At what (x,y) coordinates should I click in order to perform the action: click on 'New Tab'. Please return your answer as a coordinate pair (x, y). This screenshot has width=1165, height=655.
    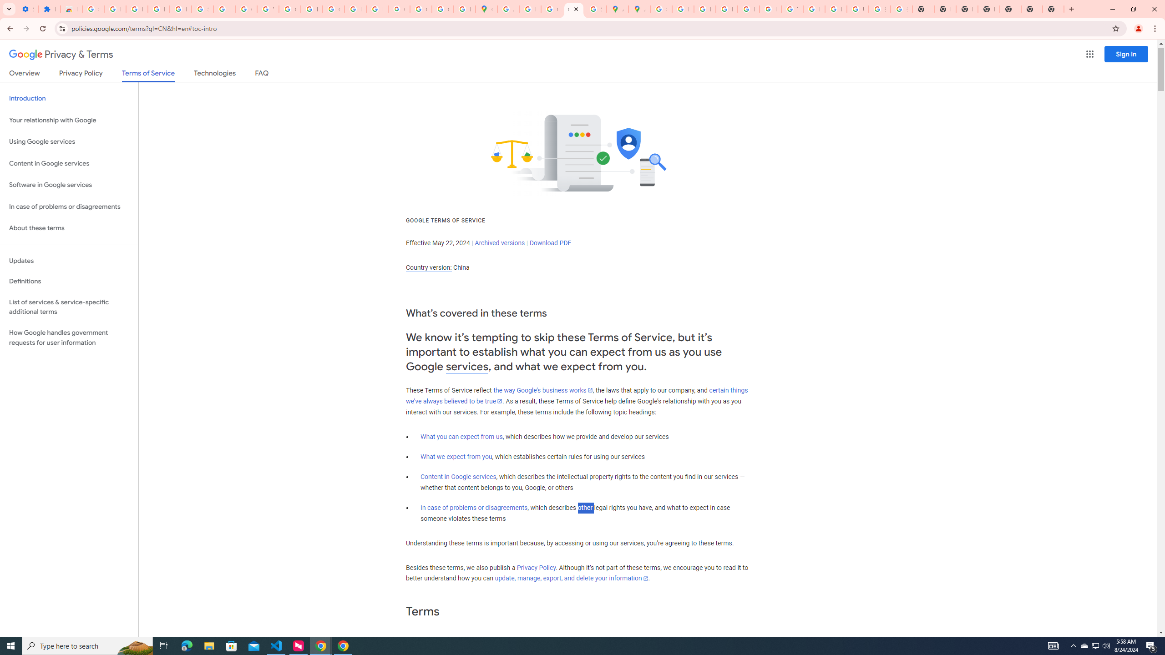
    Looking at the image, I should click on (1031, 9).